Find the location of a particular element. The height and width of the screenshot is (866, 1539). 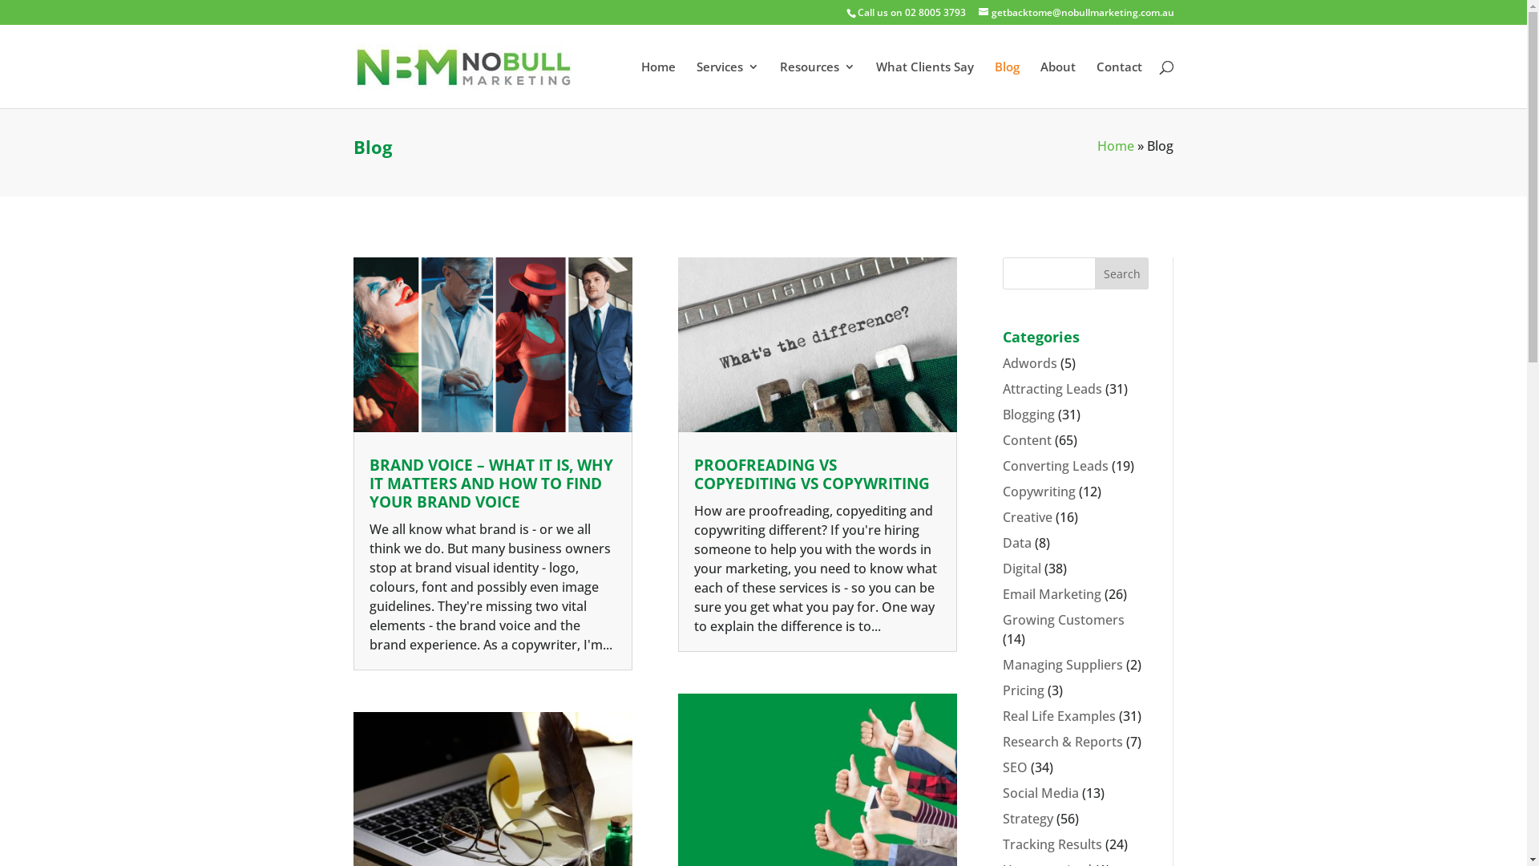

'Creative' is located at coordinates (1027, 516).